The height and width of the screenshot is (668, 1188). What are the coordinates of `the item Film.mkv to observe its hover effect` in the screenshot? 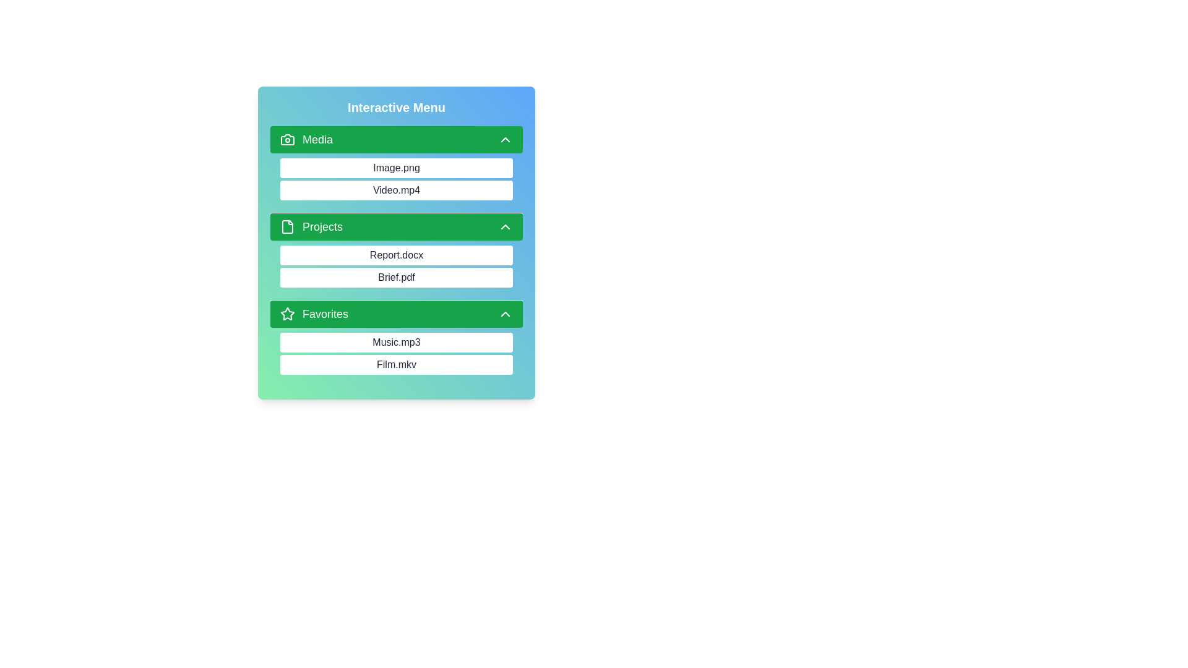 It's located at (397, 364).